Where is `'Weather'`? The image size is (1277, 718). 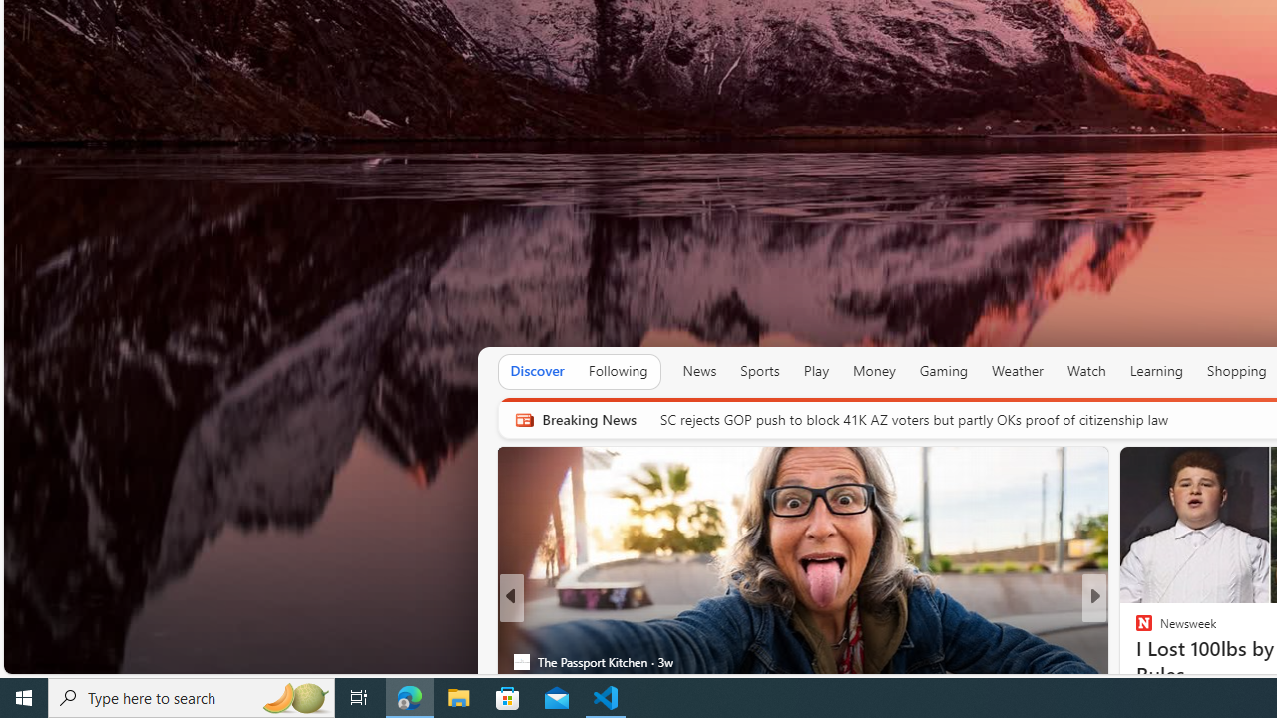 'Weather' is located at coordinates (1018, 371).